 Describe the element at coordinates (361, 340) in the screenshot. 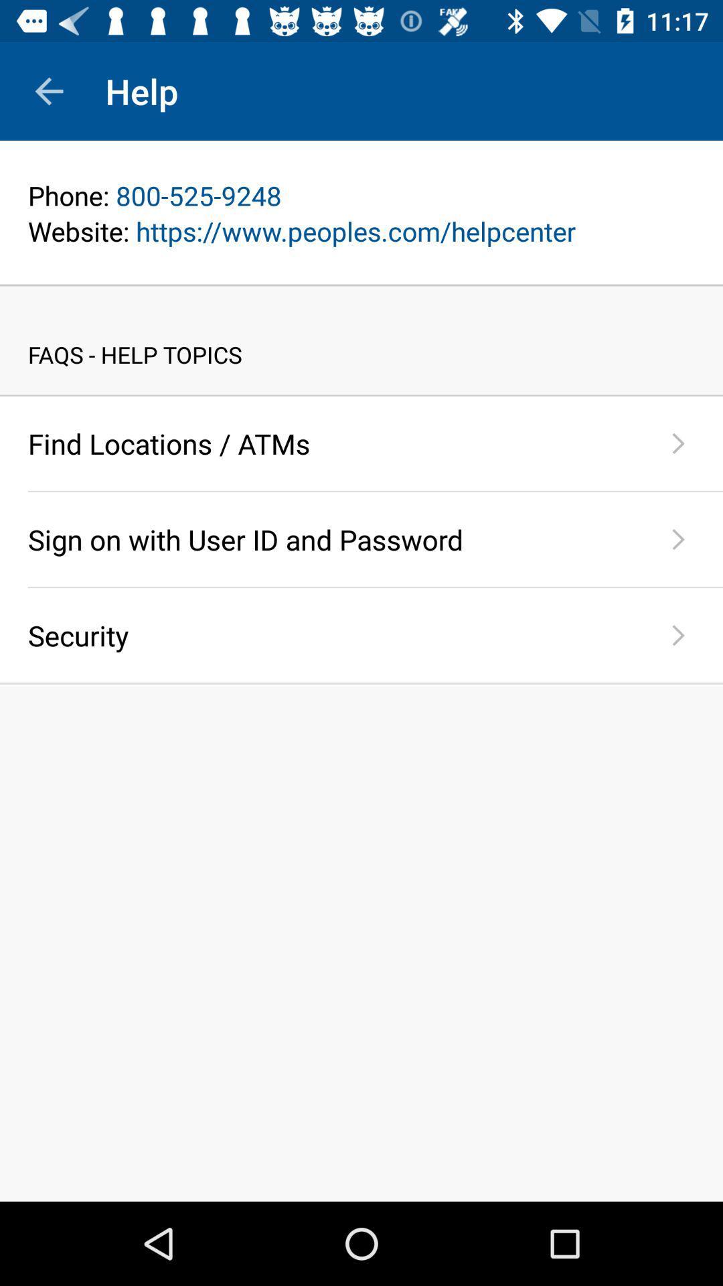

I see `faqs - help topics item` at that location.